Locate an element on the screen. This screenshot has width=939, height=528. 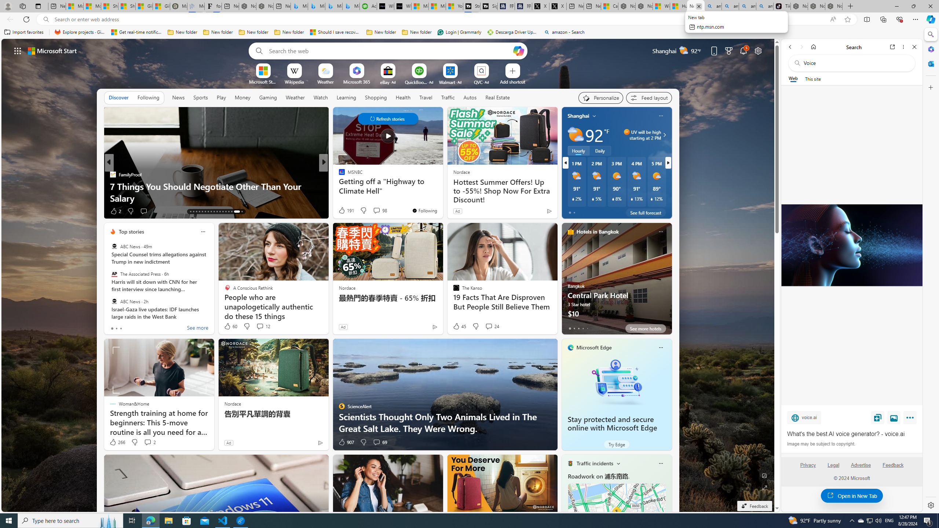
'Enter your search term' is located at coordinates (389, 50).